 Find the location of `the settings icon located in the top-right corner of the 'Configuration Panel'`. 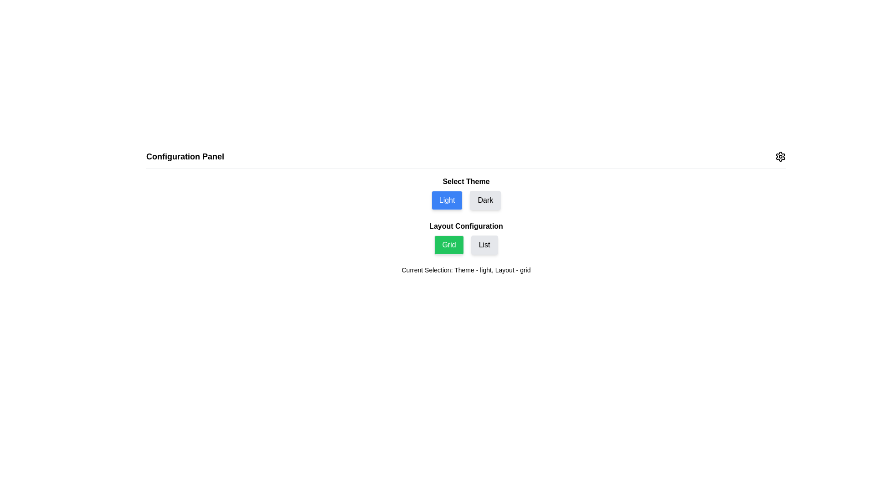

the settings icon located in the top-right corner of the 'Configuration Panel' is located at coordinates (780, 156).